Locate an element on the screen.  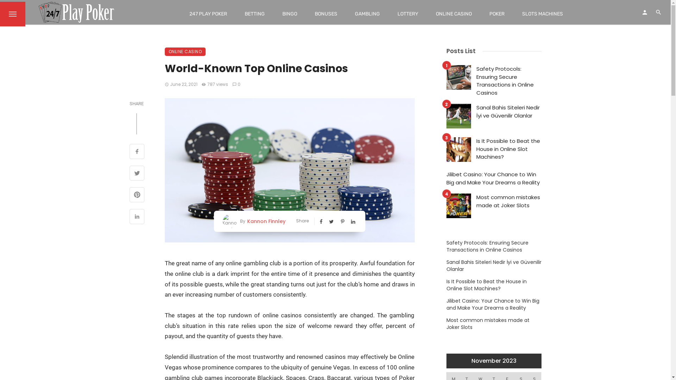
'Share on Twitter' is located at coordinates (130, 174).